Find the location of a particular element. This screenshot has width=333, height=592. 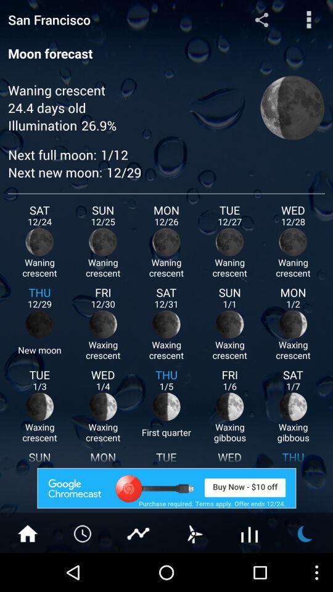

buy selection is located at coordinates (166, 488).